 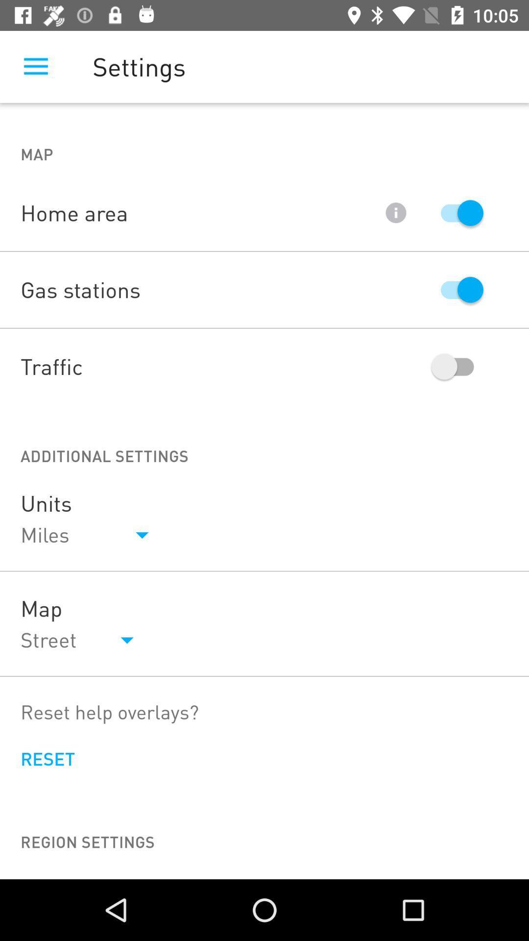 What do you see at coordinates (457, 366) in the screenshot?
I see `trafiic on off button` at bounding box center [457, 366].